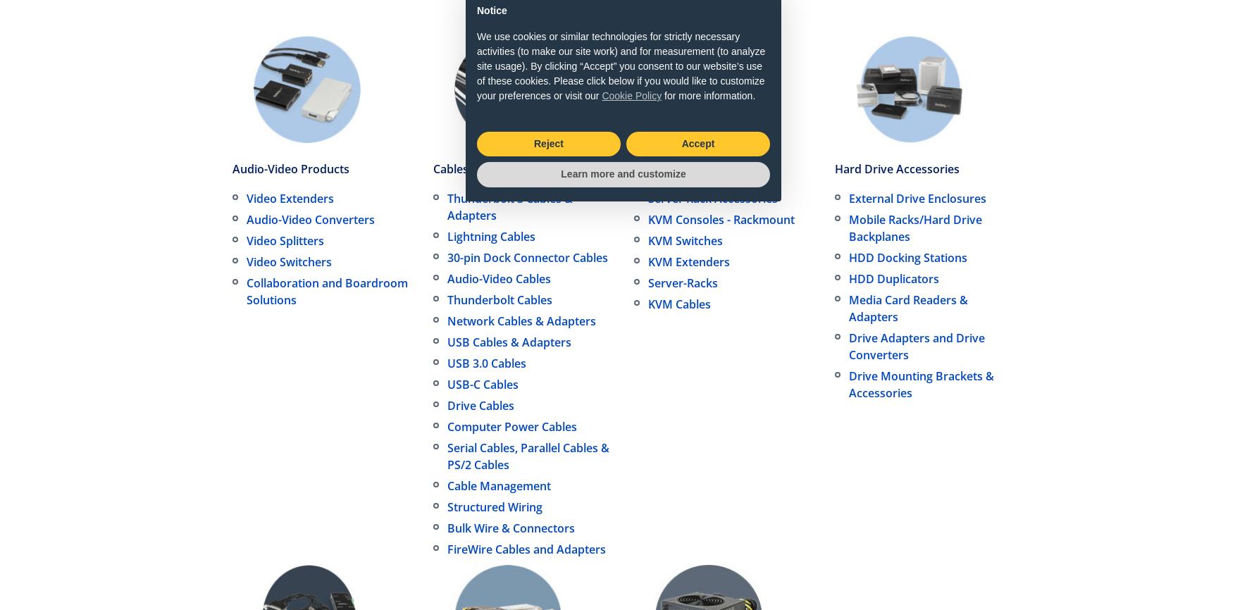 The image size is (1247, 610). What do you see at coordinates (921, 385) in the screenshot?
I see `'Drive Mounting Brackets & Accessories'` at bounding box center [921, 385].